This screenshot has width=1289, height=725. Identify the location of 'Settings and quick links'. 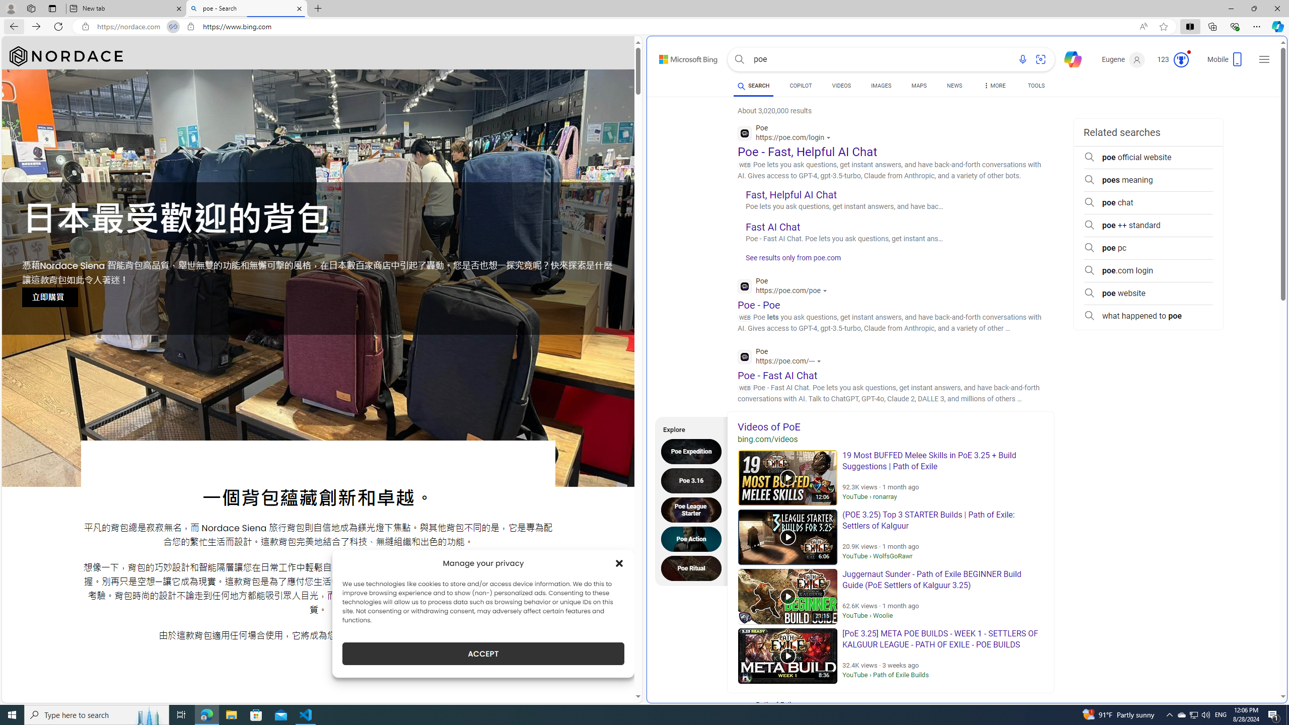
(1264, 59).